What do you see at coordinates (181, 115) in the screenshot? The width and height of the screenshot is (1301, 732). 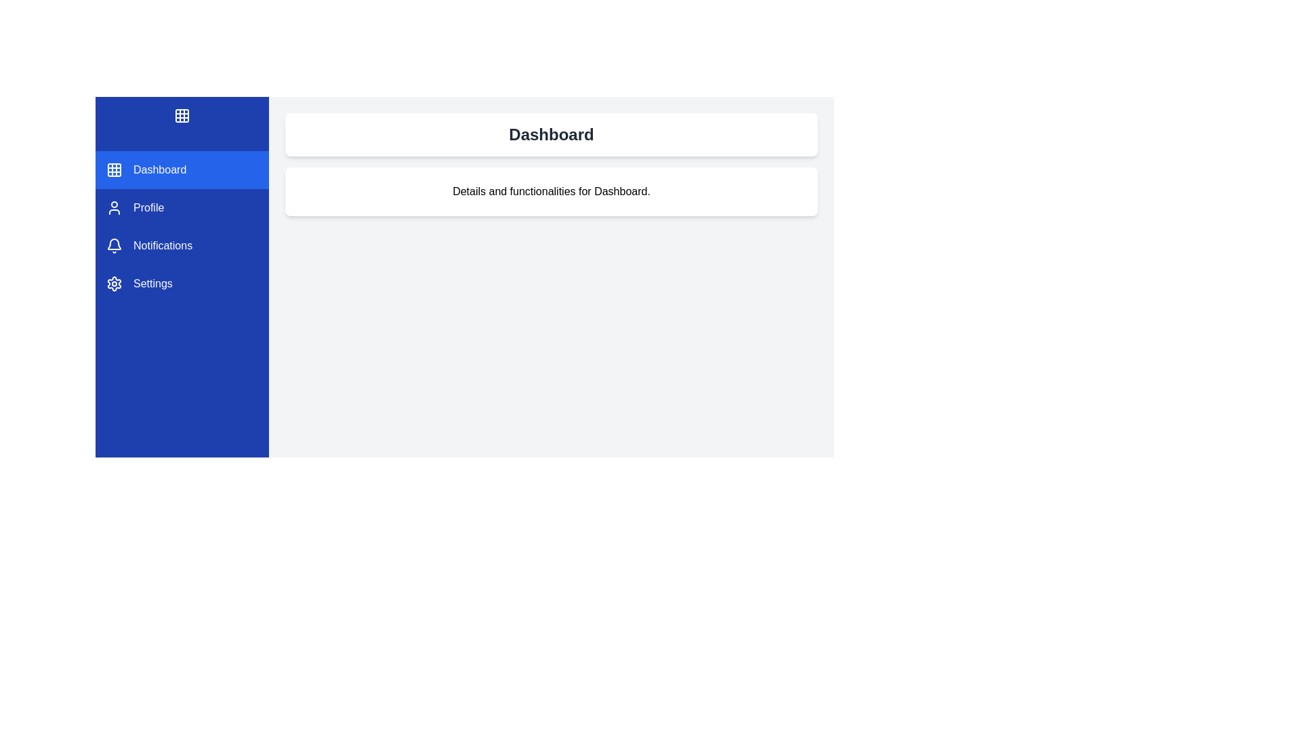 I see `the SVG-based graphical icon representing a menu or grid toggle located at the top-left corner of the navigation panel, above the 'Dashboard' menu item` at bounding box center [181, 115].